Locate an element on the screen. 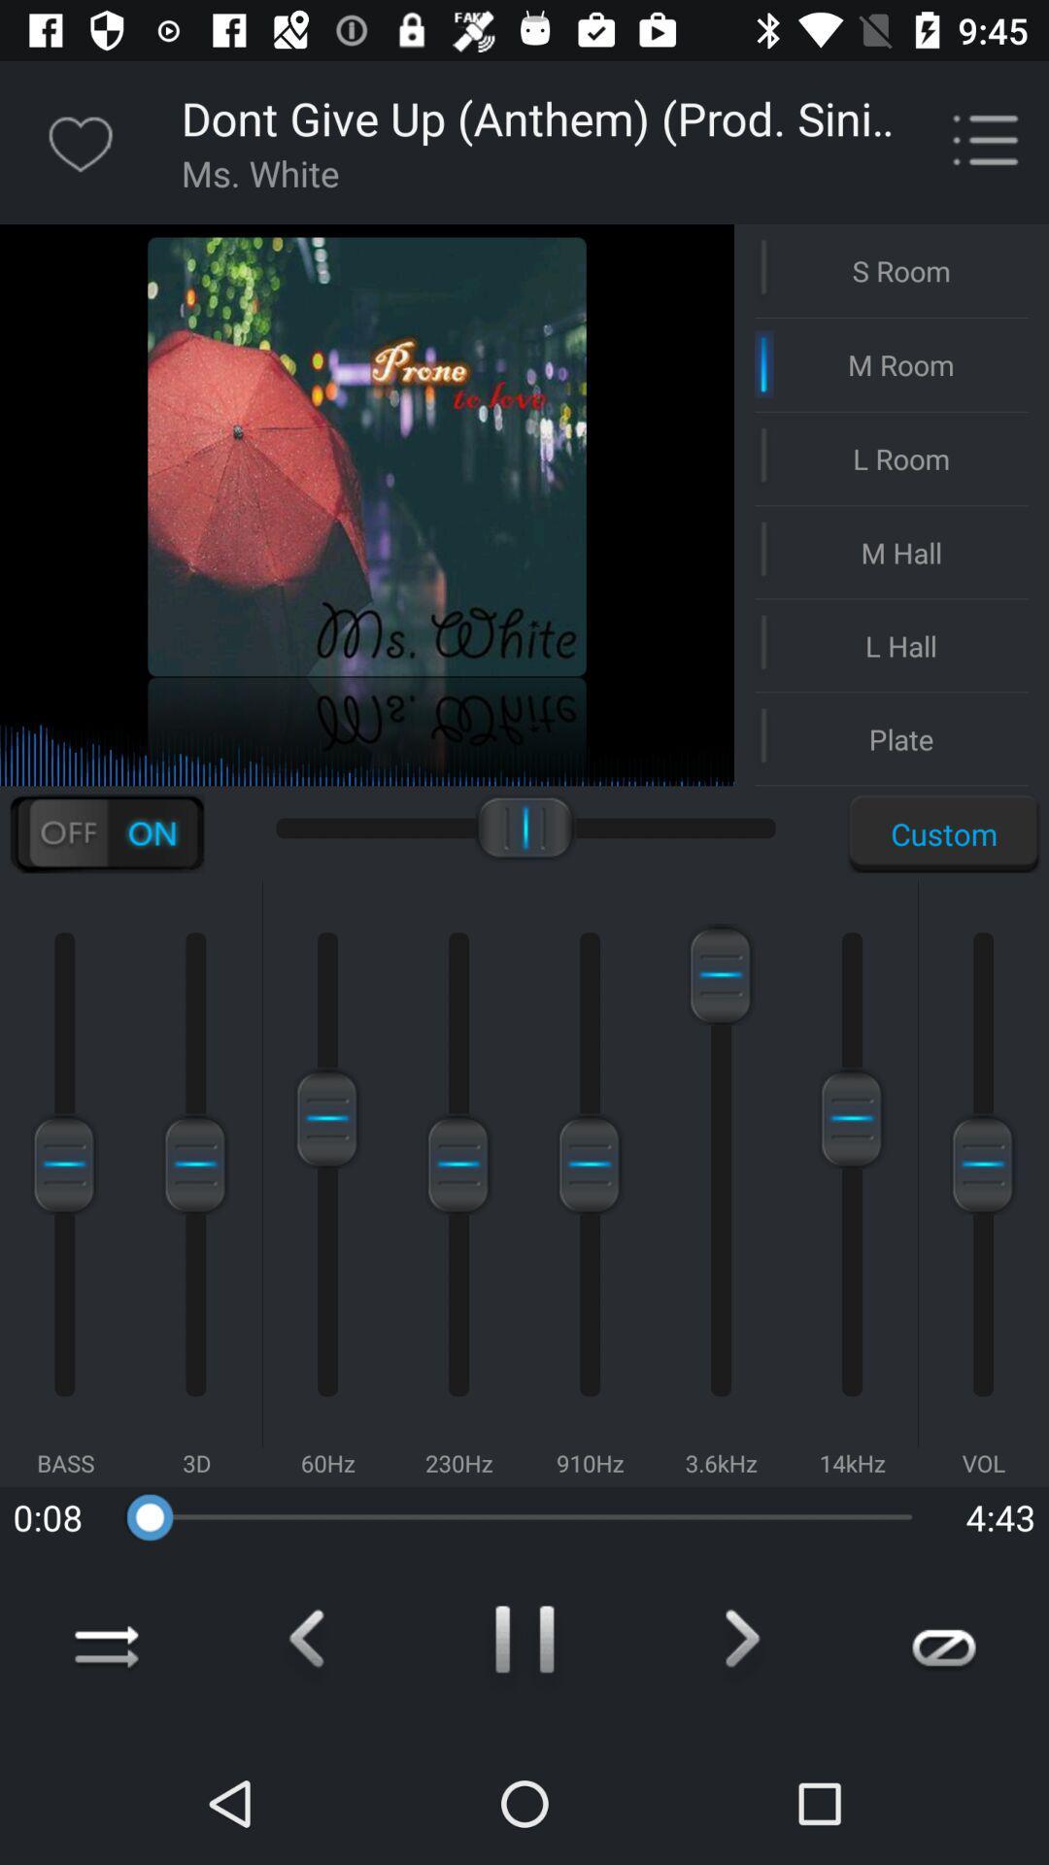 Image resolution: width=1049 pixels, height=1865 pixels. the sliders icon is located at coordinates (106, 833).